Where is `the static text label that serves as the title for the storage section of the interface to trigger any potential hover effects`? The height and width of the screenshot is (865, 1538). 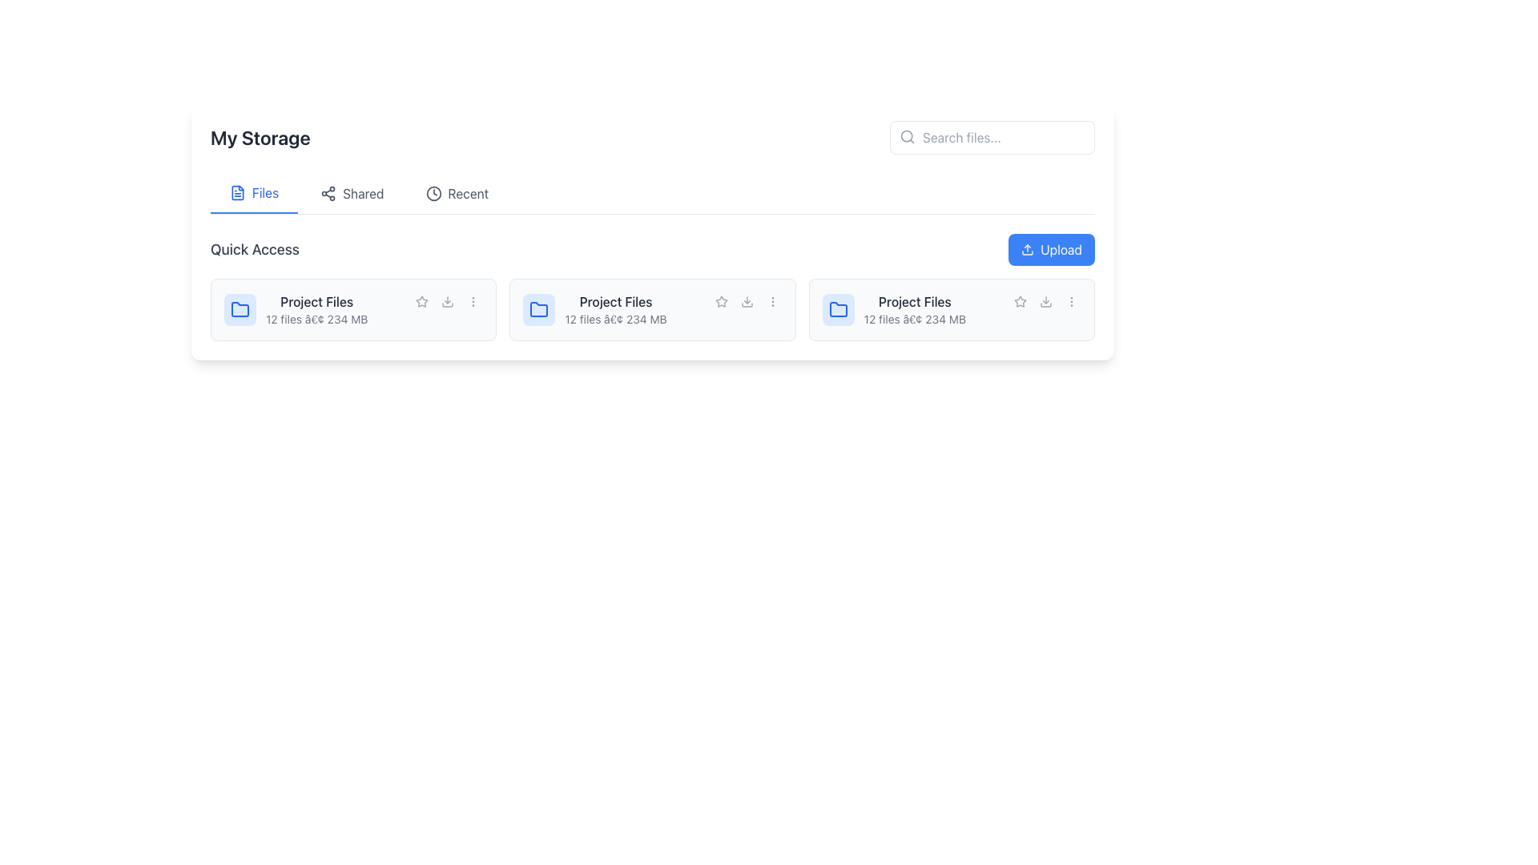 the static text label that serves as the title for the storage section of the interface to trigger any potential hover effects is located at coordinates (260, 137).